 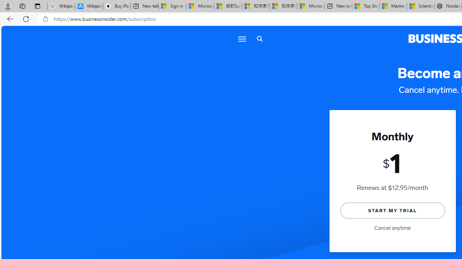 What do you see at coordinates (241, 39) in the screenshot?
I see `'Menu'` at bounding box center [241, 39].